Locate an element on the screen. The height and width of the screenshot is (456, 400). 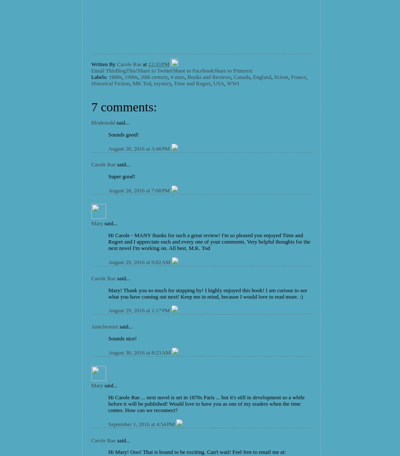
'August 29, 2016 at 9:02 AM' is located at coordinates (139, 262).